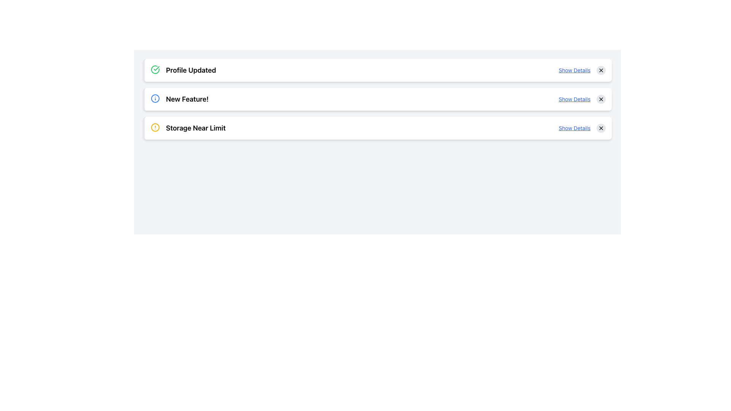  I want to click on the 'Show Details' hyperlink text, styled in blue and underlined, located in the upper-right section of the 'New Feature!' notification card, so click(582, 99).